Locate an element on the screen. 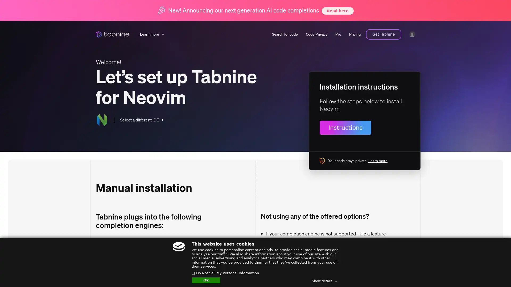 This screenshot has height=287, width=511. coc Instructions is located at coordinates (113, 266).